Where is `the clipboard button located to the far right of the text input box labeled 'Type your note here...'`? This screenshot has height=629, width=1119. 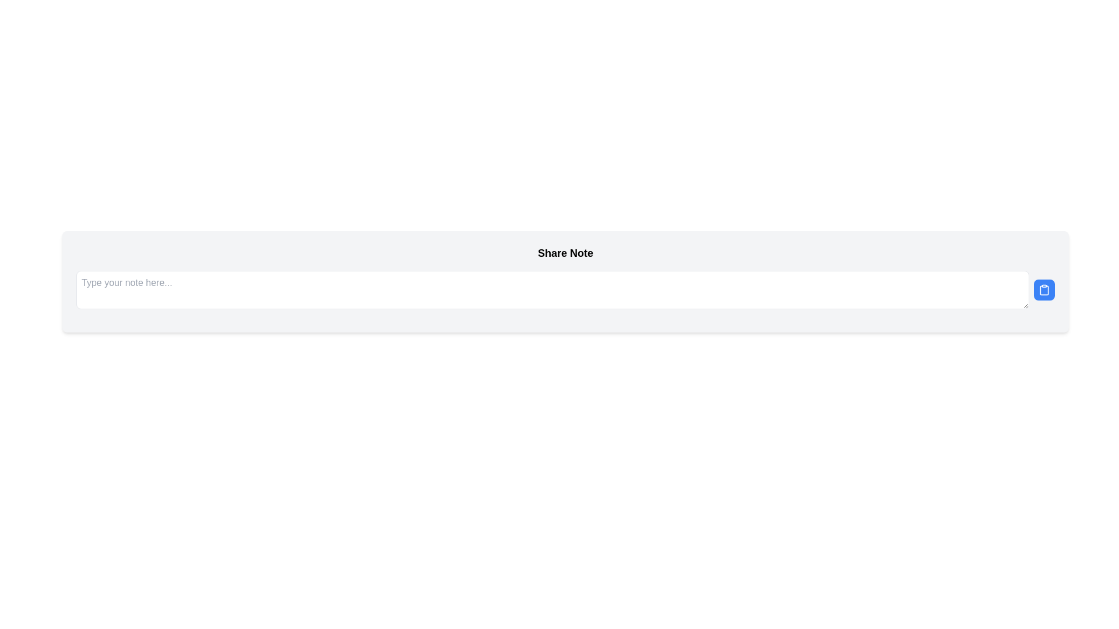 the clipboard button located to the far right of the text input box labeled 'Type your note here...' is located at coordinates (1044, 289).